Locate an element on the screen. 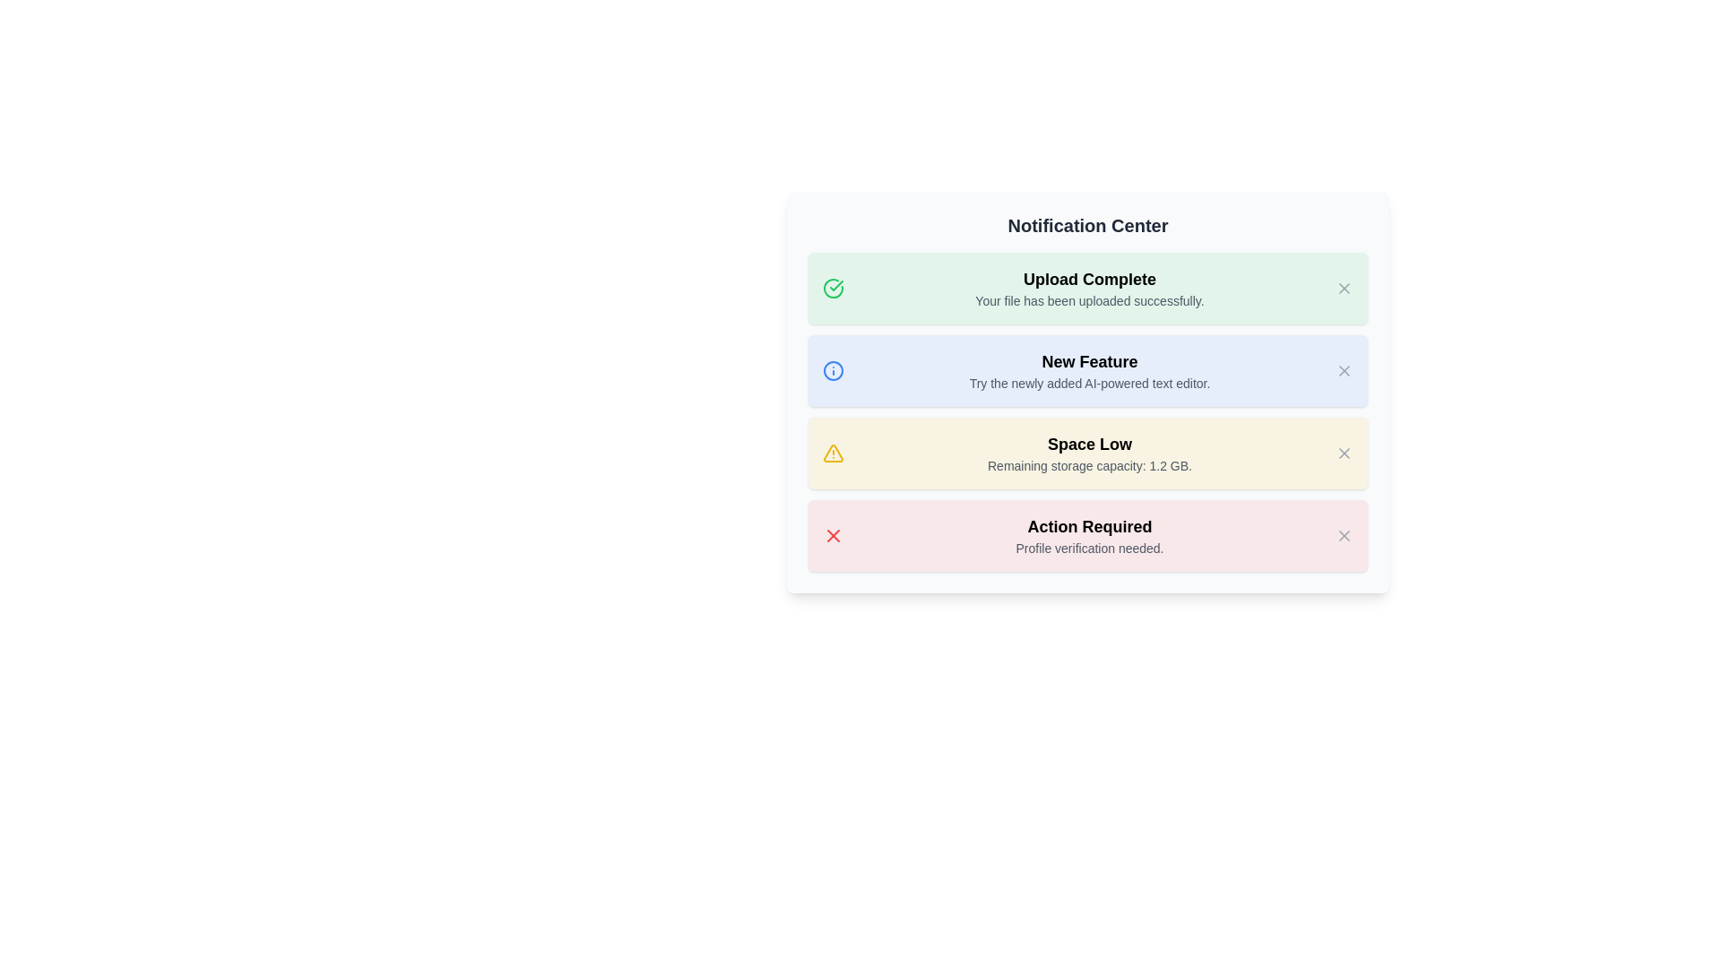  the informational icon located to the left of the title text 'New Feature' in the 'Notification Center' interface is located at coordinates (833, 369).